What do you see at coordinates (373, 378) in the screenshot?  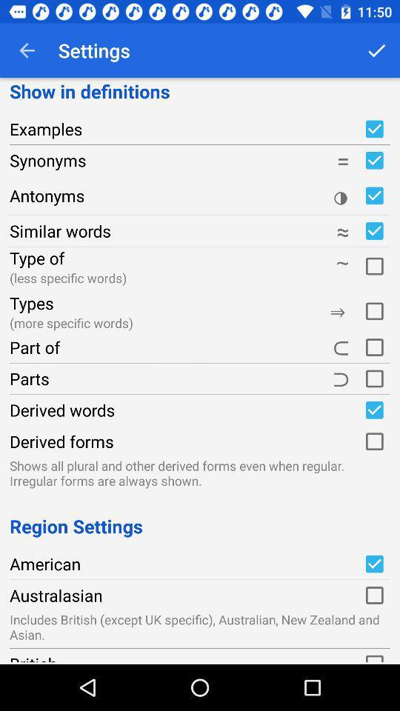 I see `show parts option` at bounding box center [373, 378].